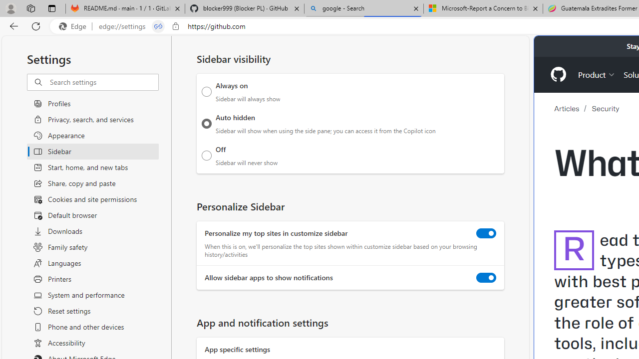 Image resolution: width=639 pixels, height=359 pixels. Describe the element at coordinates (206, 155) in the screenshot. I see `'Off Sidebar will never show'` at that location.